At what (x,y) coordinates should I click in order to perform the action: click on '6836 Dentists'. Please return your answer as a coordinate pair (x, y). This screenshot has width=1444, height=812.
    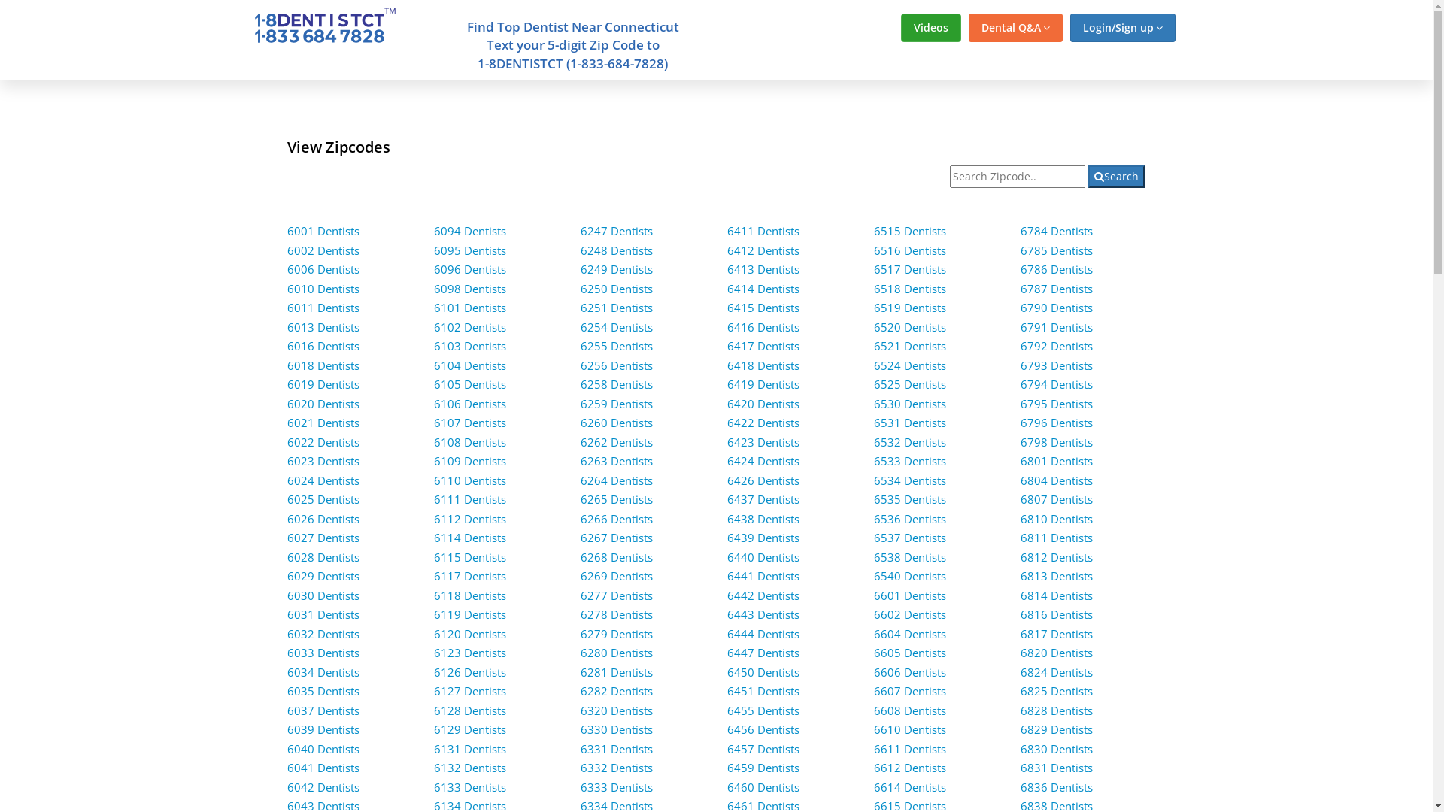
    Looking at the image, I should click on (1056, 786).